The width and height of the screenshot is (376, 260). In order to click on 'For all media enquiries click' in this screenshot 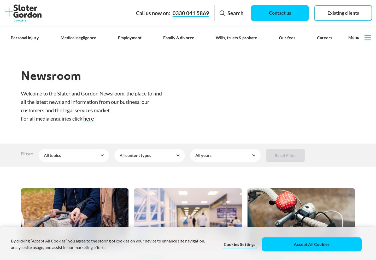, I will do `click(52, 118)`.